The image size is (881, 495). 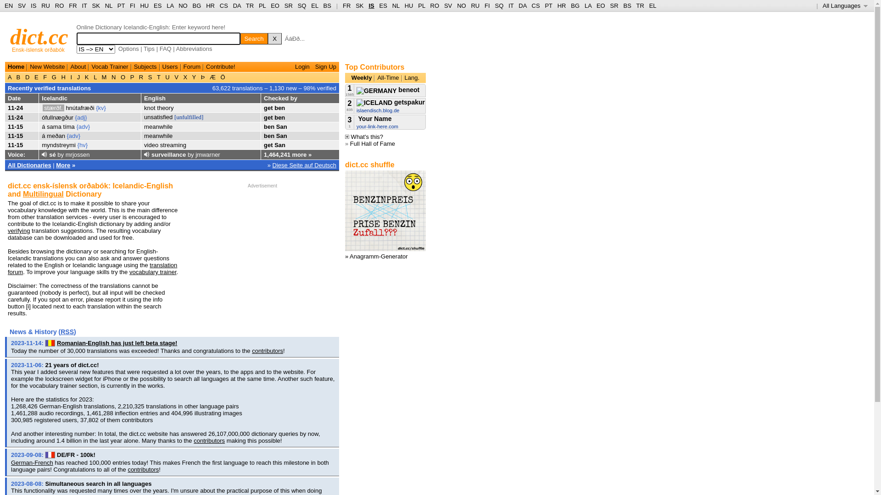 What do you see at coordinates (8, 144) in the screenshot?
I see `'11-15'` at bounding box center [8, 144].